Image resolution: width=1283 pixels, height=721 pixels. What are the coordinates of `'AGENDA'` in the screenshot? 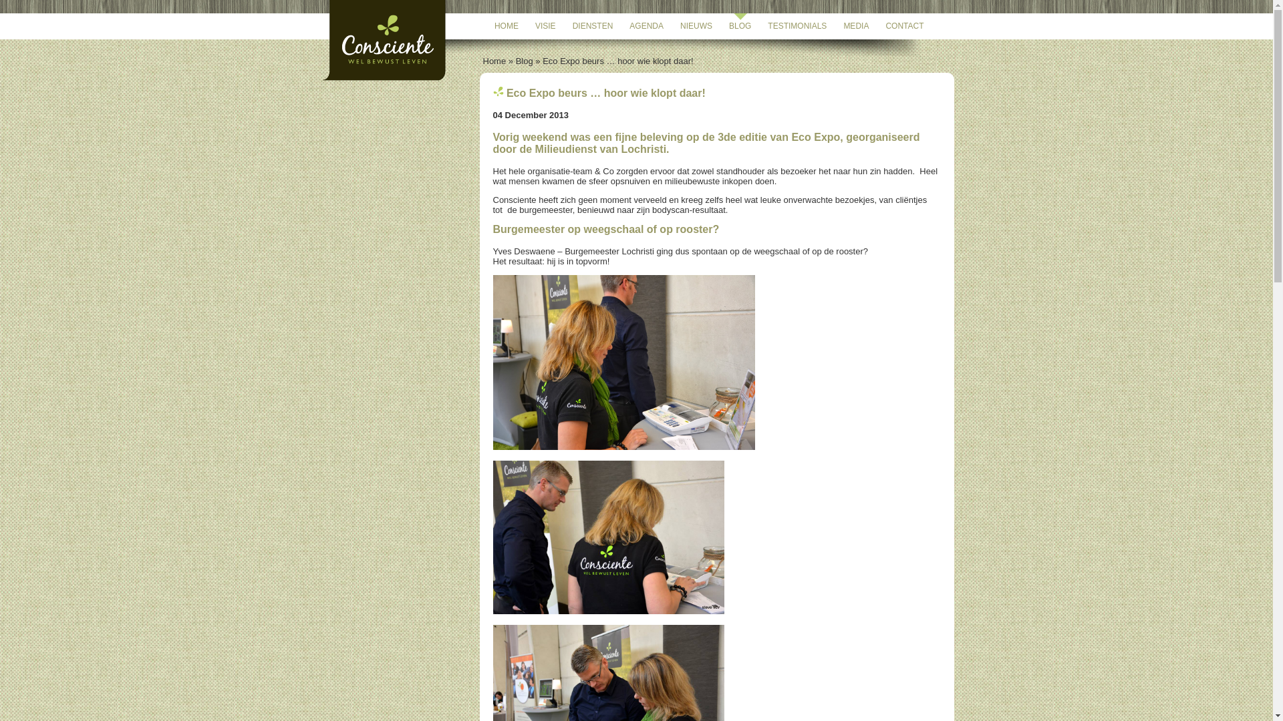 It's located at (646, 26).